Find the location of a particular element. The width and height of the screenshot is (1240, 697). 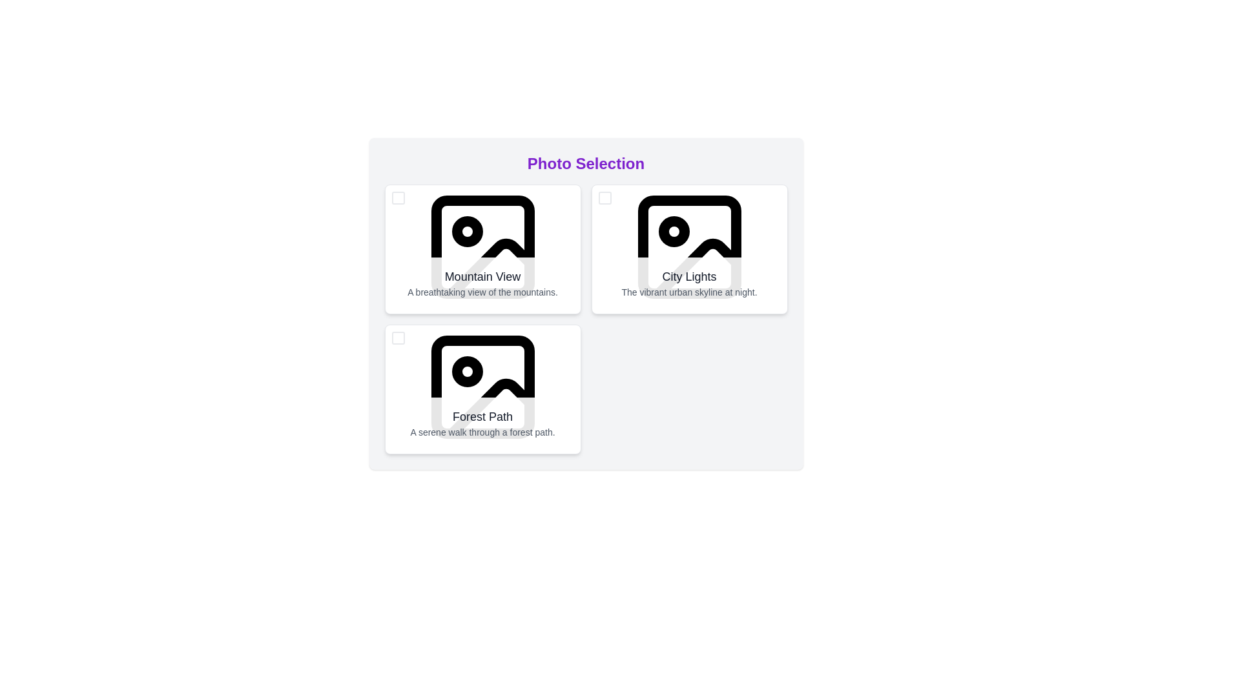

the small circular graphic with a white fill and black outline located at the top left corner of the 'Mountain View' thumbnail is located at coordinates (466, 230).